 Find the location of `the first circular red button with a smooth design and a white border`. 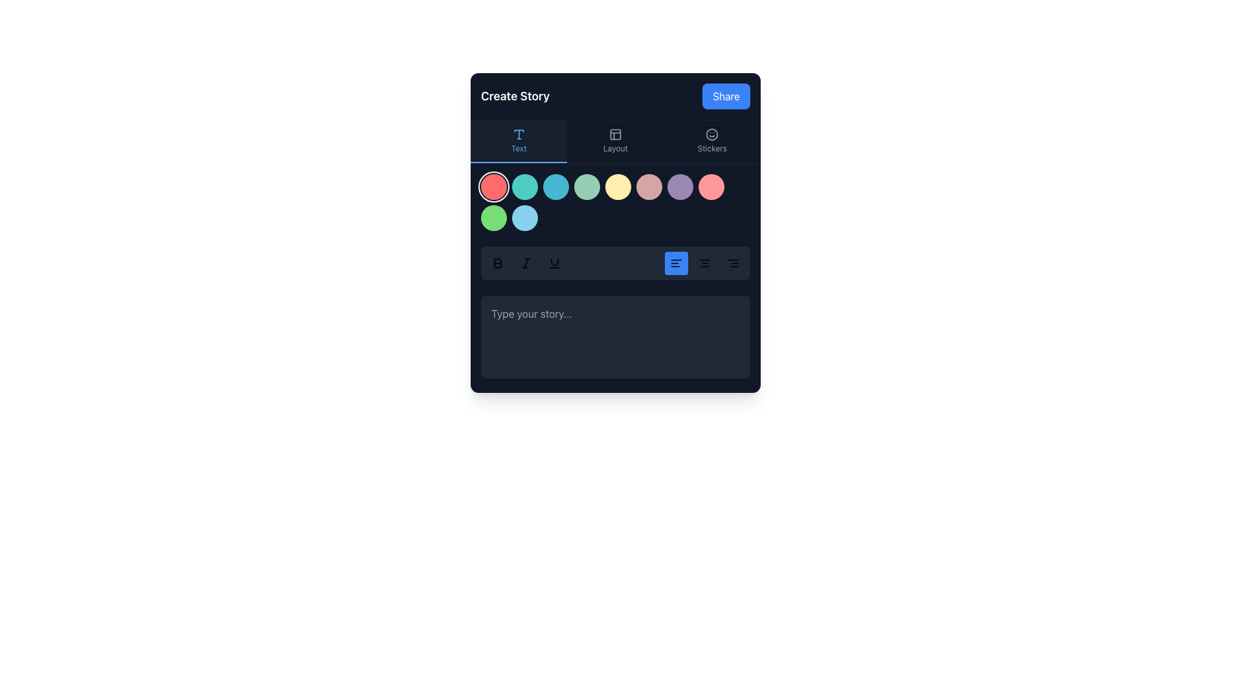

the first circular red button with a smooth design and a white border is located at coordinates (493, 187).